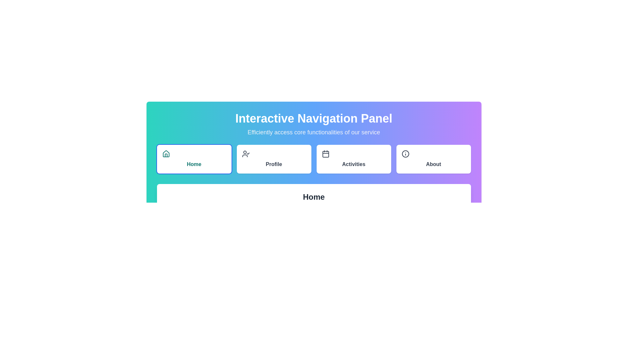 This screenshot has height=353, width=628. I want to click on the 'Activities' icon located at the top of the 'Activities' card in the navigation bar to interact with its associated functionality, so click(325, 154).